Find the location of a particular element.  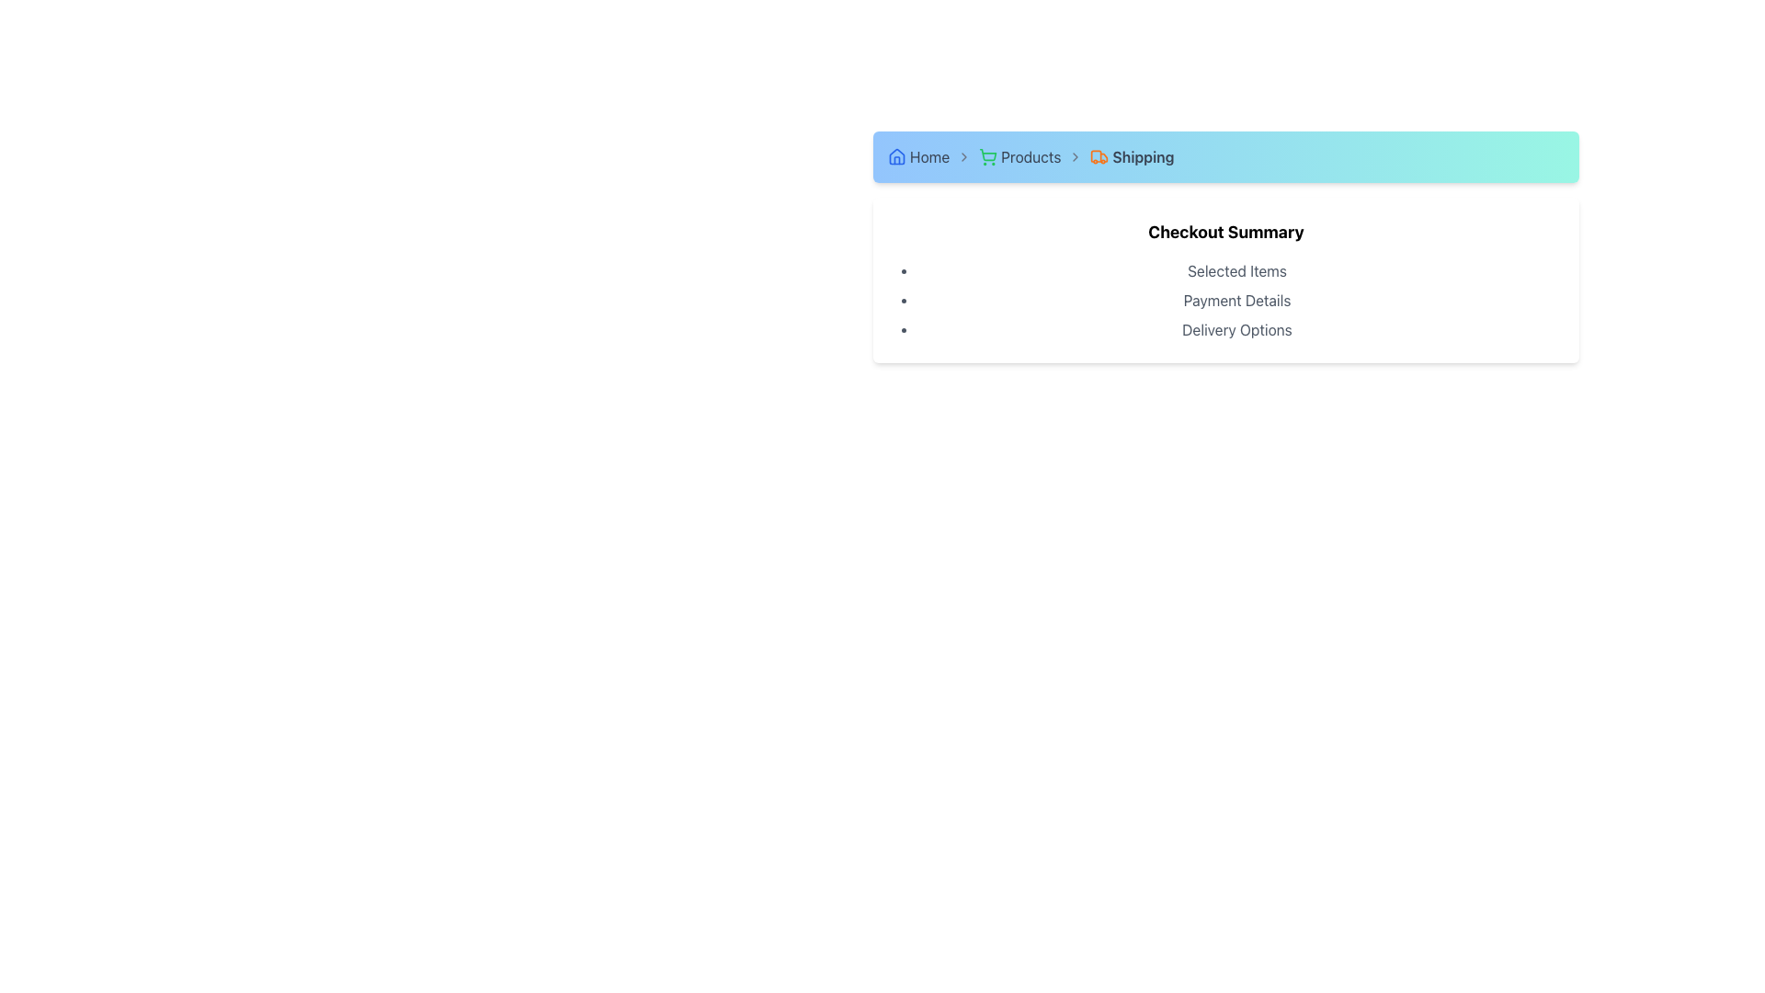

the green shopping cart icon in the breadcrumb navigation bar, located between the 'Home' and 'Shipping' steps is located at coordinates (987, 154).